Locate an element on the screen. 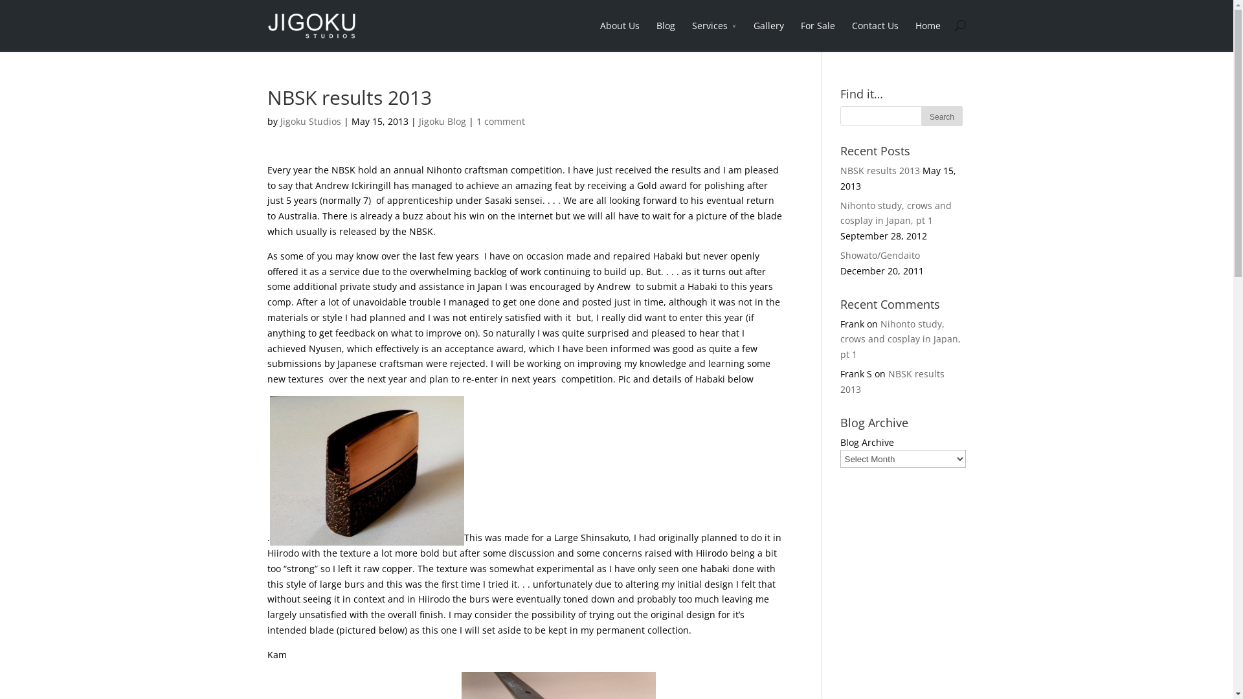  'For Sale' is located at coordinates (816, 34).